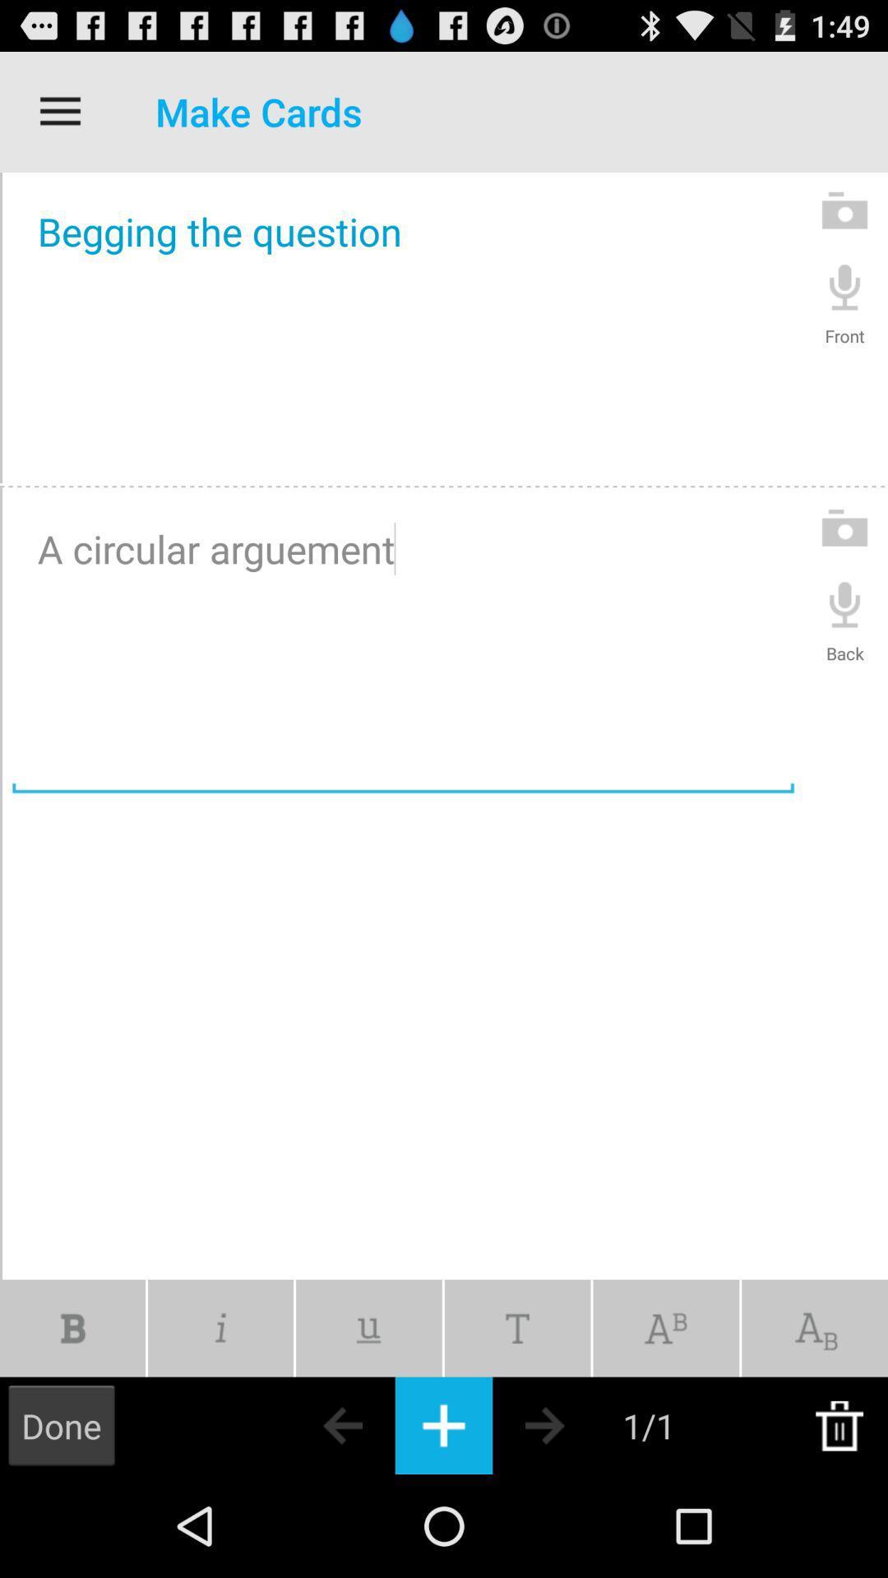 Image resolution: width=888 pixels, height=1578 pixels. Describe the element at coordinates (666, 1328) in the screenshot. I see `a text tool` at that location.